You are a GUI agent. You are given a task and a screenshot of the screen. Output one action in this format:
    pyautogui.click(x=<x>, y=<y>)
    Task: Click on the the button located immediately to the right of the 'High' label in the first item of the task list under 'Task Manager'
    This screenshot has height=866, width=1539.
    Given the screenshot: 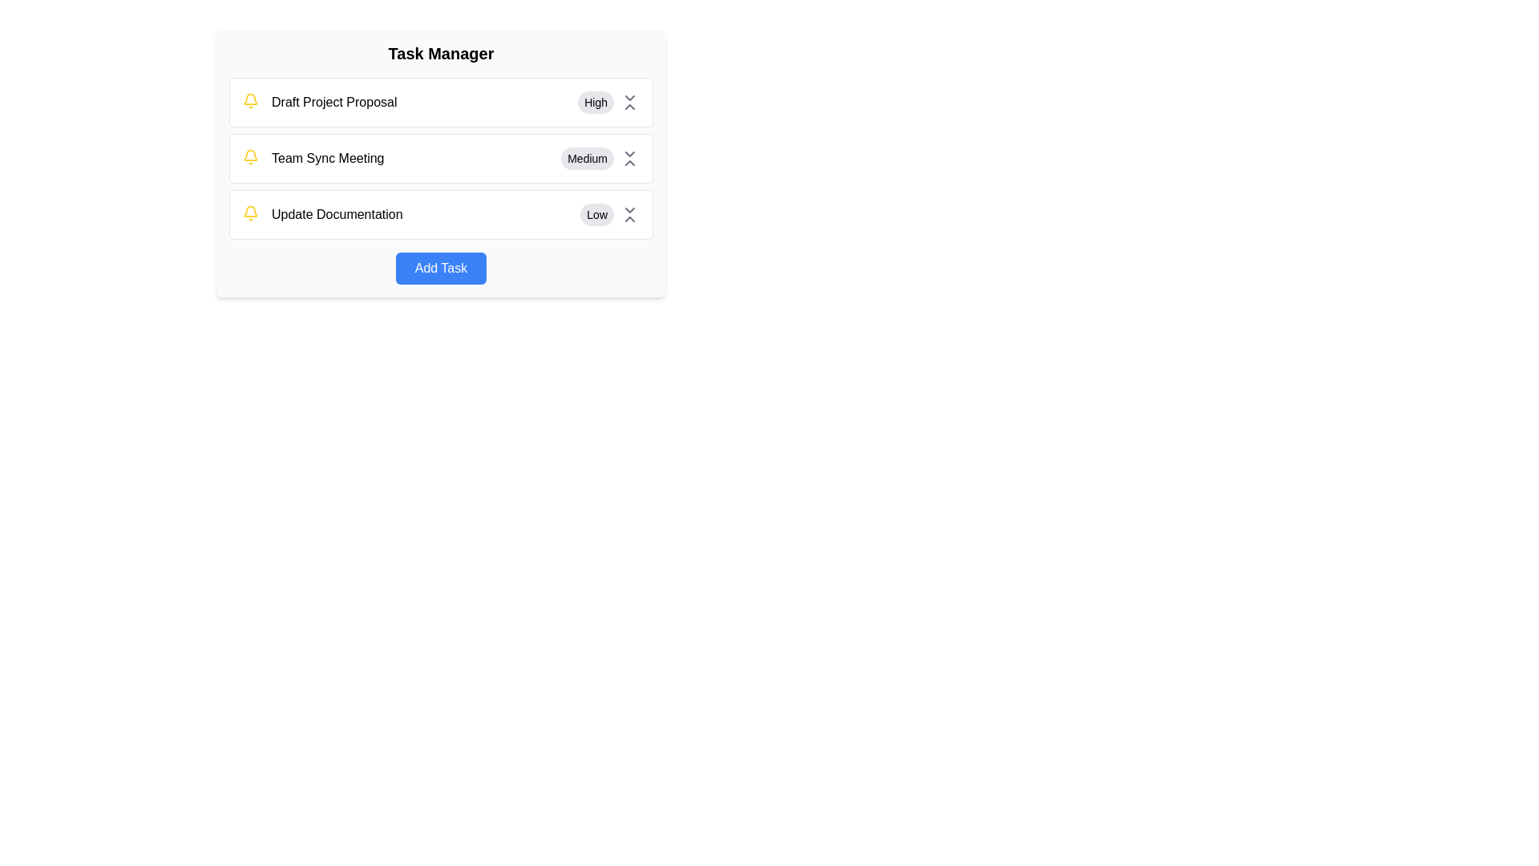 What is the action you would take?
    pyautogui.click(x=629, y=102)
    